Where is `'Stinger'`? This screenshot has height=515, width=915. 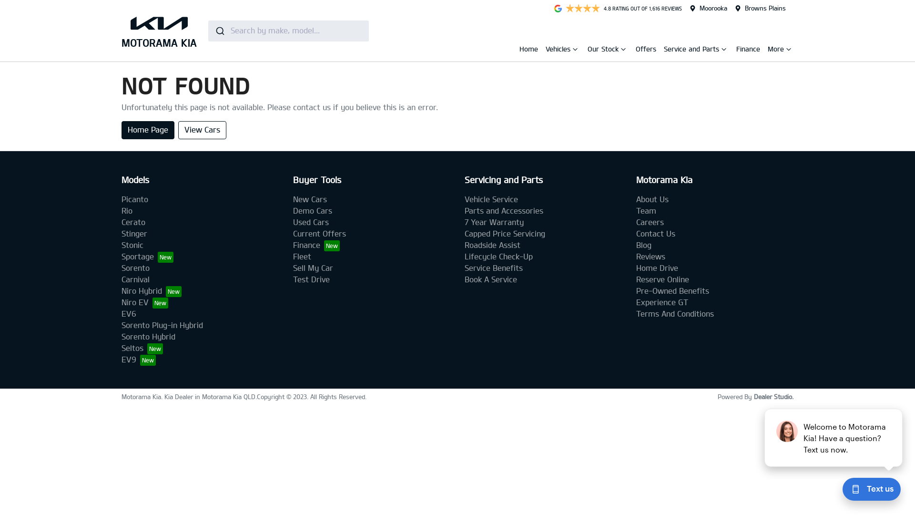 'Stinger' is located at coordinates (134, 234).